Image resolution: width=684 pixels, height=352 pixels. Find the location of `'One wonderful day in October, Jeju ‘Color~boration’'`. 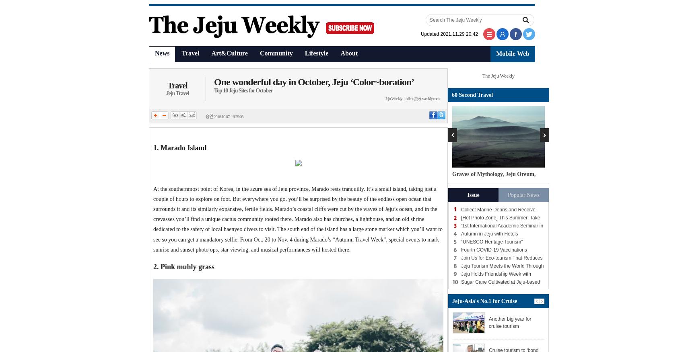

'One wonderful day in October, Jeju ‘Color~boration’' is located at coordinates (313, 82).